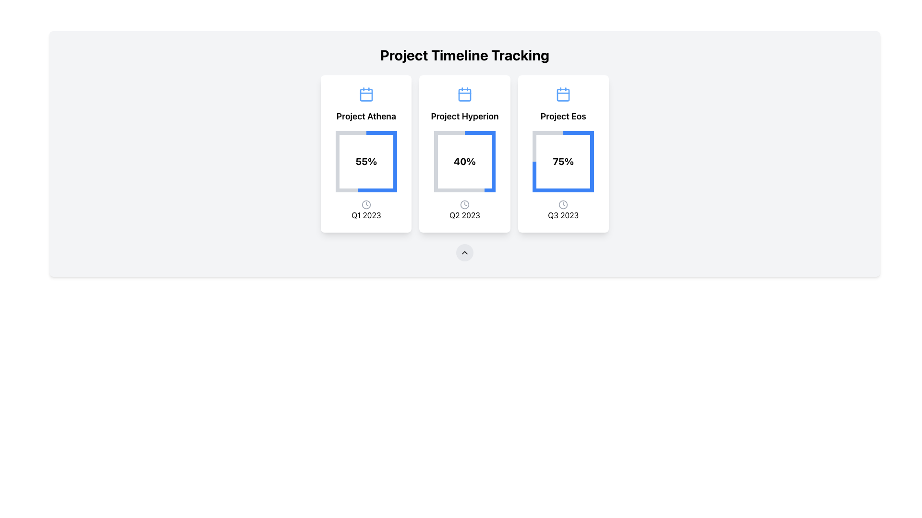  Describe the element at coordinates (365, 161) in the screenshot. I see `the bold '55%' text inside the circular progress indicator in the 'Project Athena' card` at that location.